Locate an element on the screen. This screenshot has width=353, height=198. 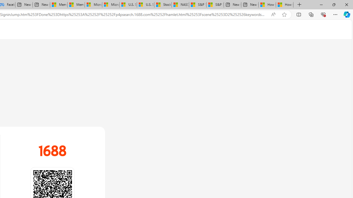
'How to Use a Monitor With Your Closed Laptop' is located at coordinates (285, 5).